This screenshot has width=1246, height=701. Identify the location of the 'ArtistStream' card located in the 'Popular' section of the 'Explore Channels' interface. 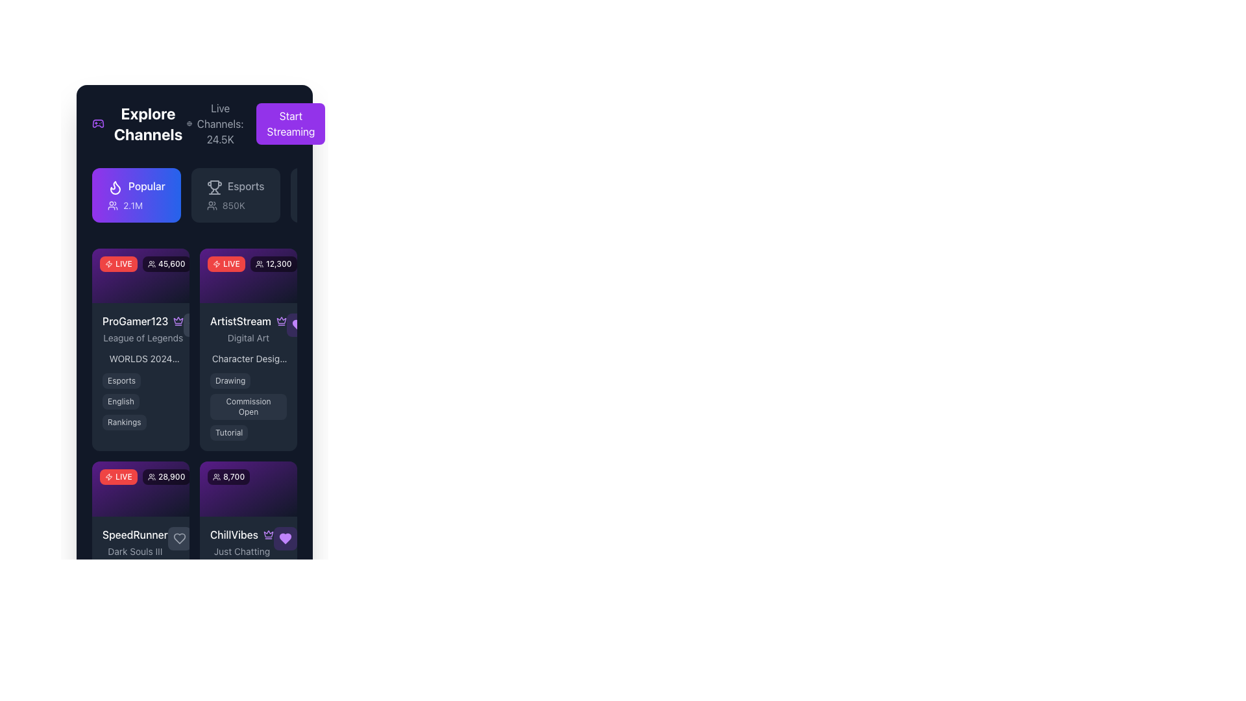
(249, 275).